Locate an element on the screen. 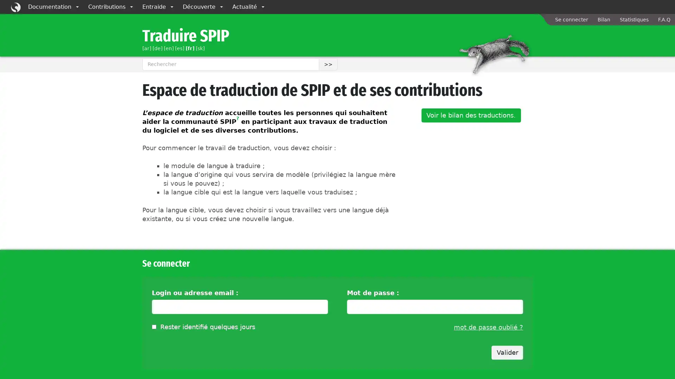  >> is located at coordinates (328, 64).